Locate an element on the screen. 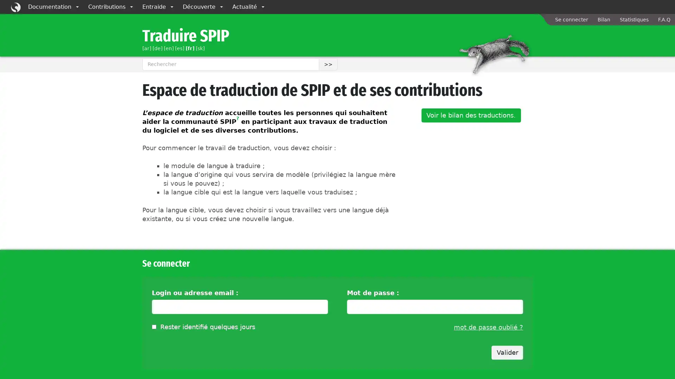  >> is located at coordinates (328, 64).